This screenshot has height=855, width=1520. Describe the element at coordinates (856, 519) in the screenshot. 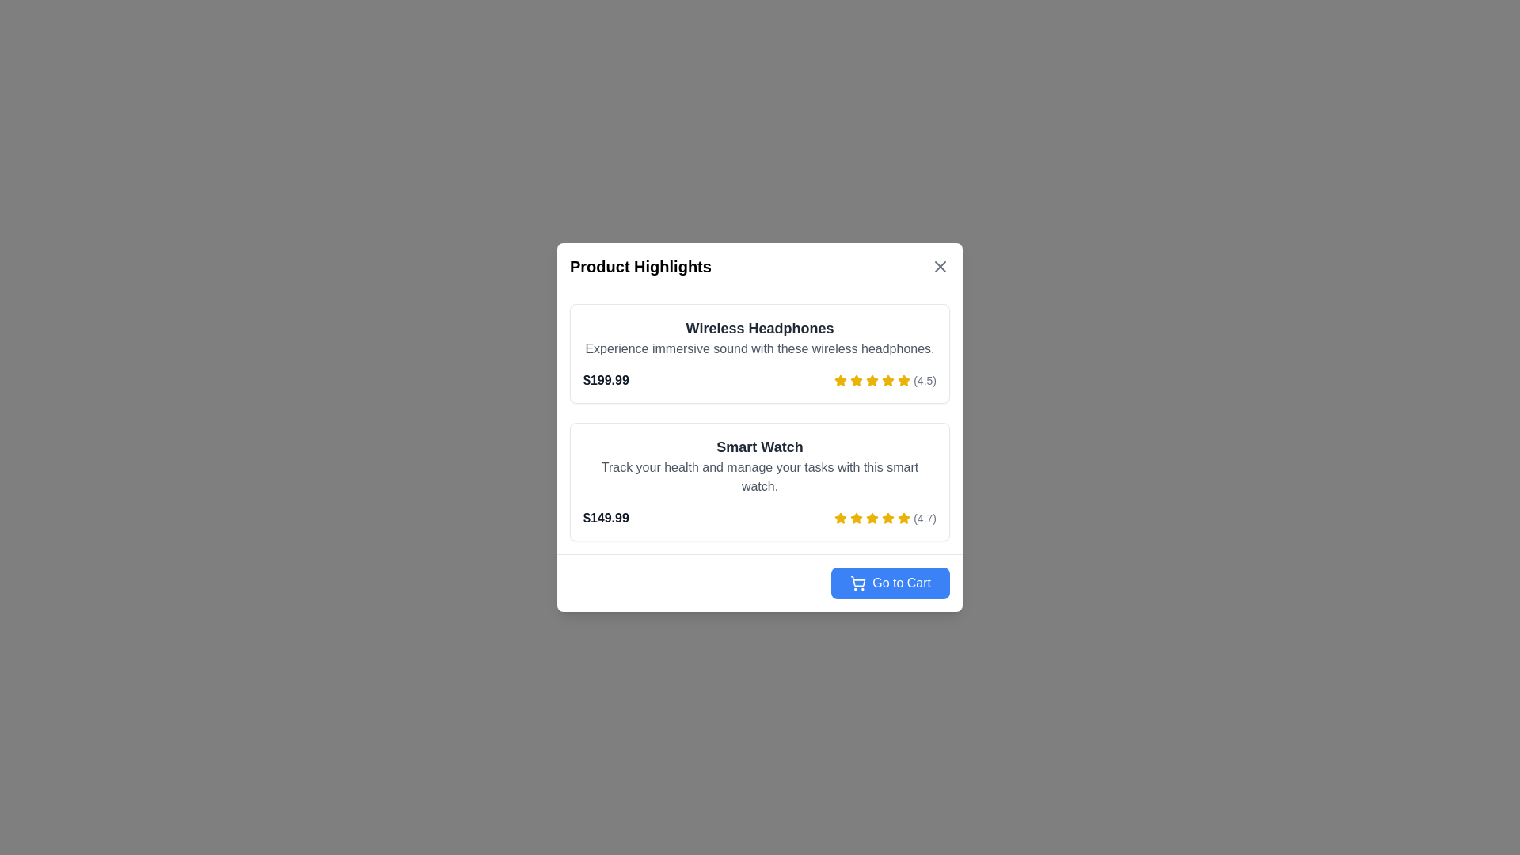

I see `the third yellow star icon in the product rating section next to the 'Smart Watch' listing to interact with the rating system` at that location.